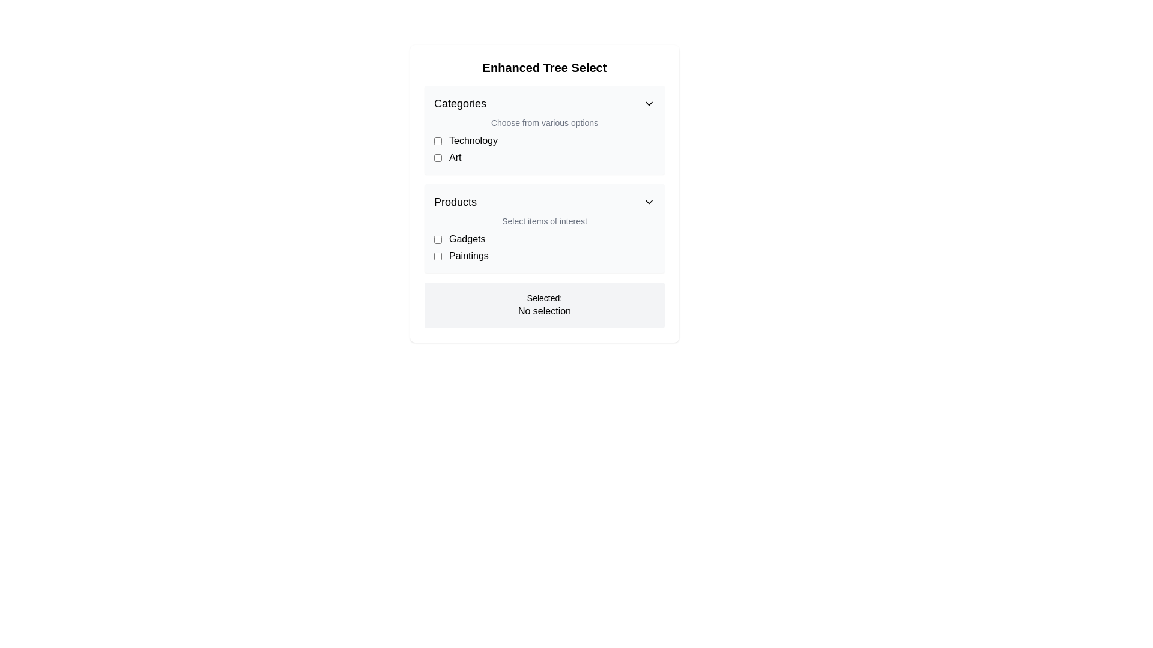 Image resolution: width=1153 pixels, height=648 pixels. Describe the element at coordinates (467, 239) in the screenshot. I see `the 'Gadgets' label in the 'Products' dropdown, located to the right of a checkbox and above the 'Paintings' item` at that location.